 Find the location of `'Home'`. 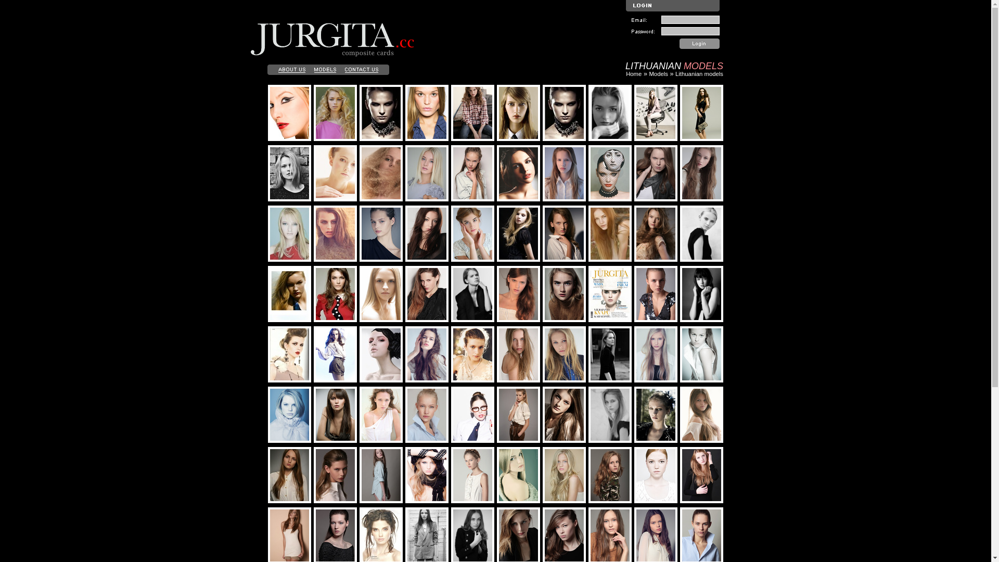

'Home' is located at coordinates (633, 73).